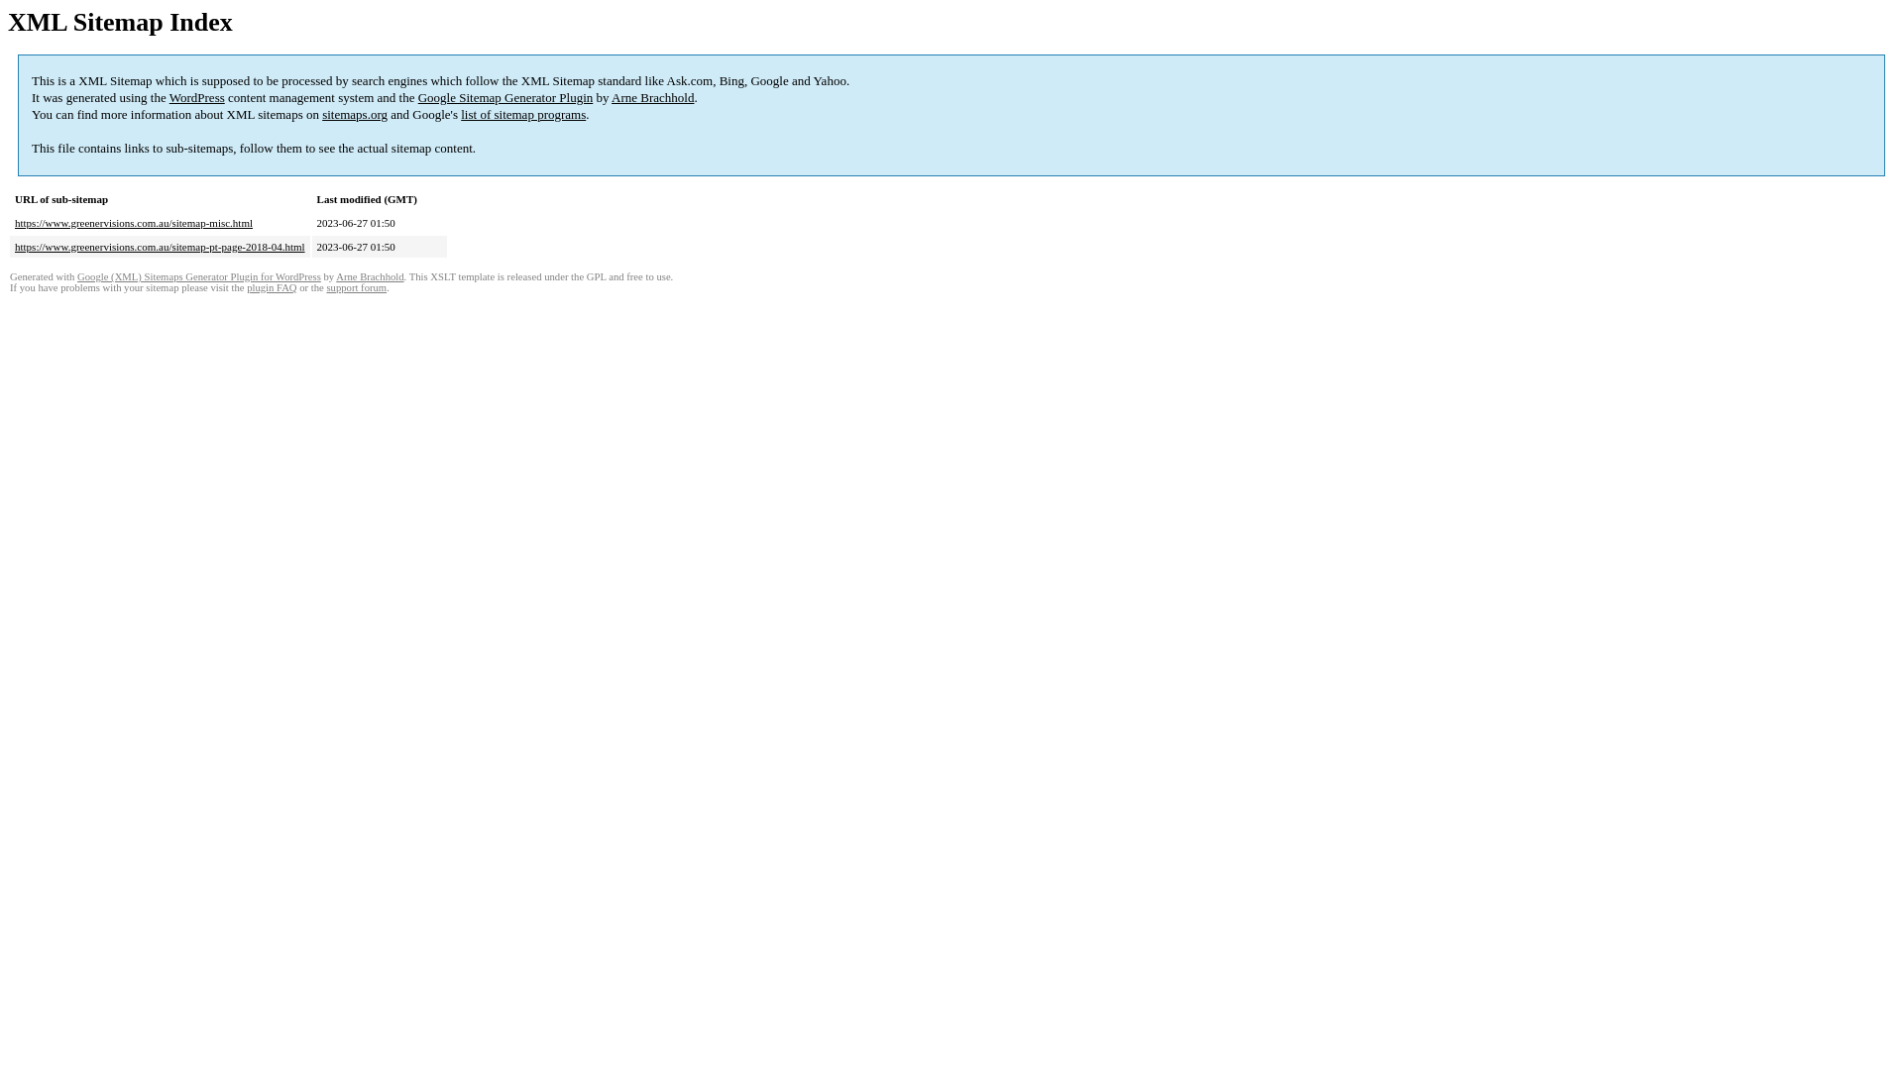  Describe the element at coordinates (196, 97) in the screenshot. I see `'WordPress'` at that location.